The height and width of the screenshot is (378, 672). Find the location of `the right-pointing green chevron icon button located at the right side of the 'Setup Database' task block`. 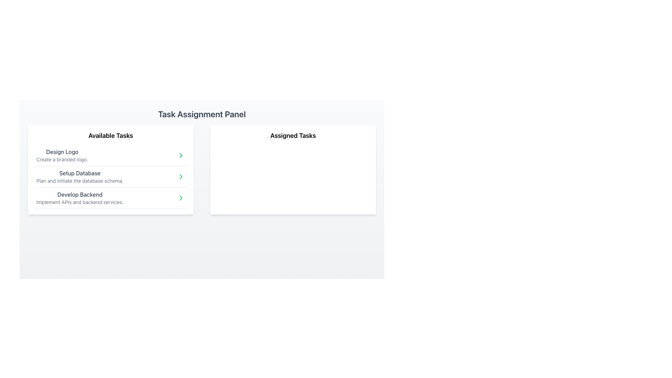

the right-pointing green chevron icon button located at the right side of the 'Setup Database' task block is located at coordinates (181, 176).